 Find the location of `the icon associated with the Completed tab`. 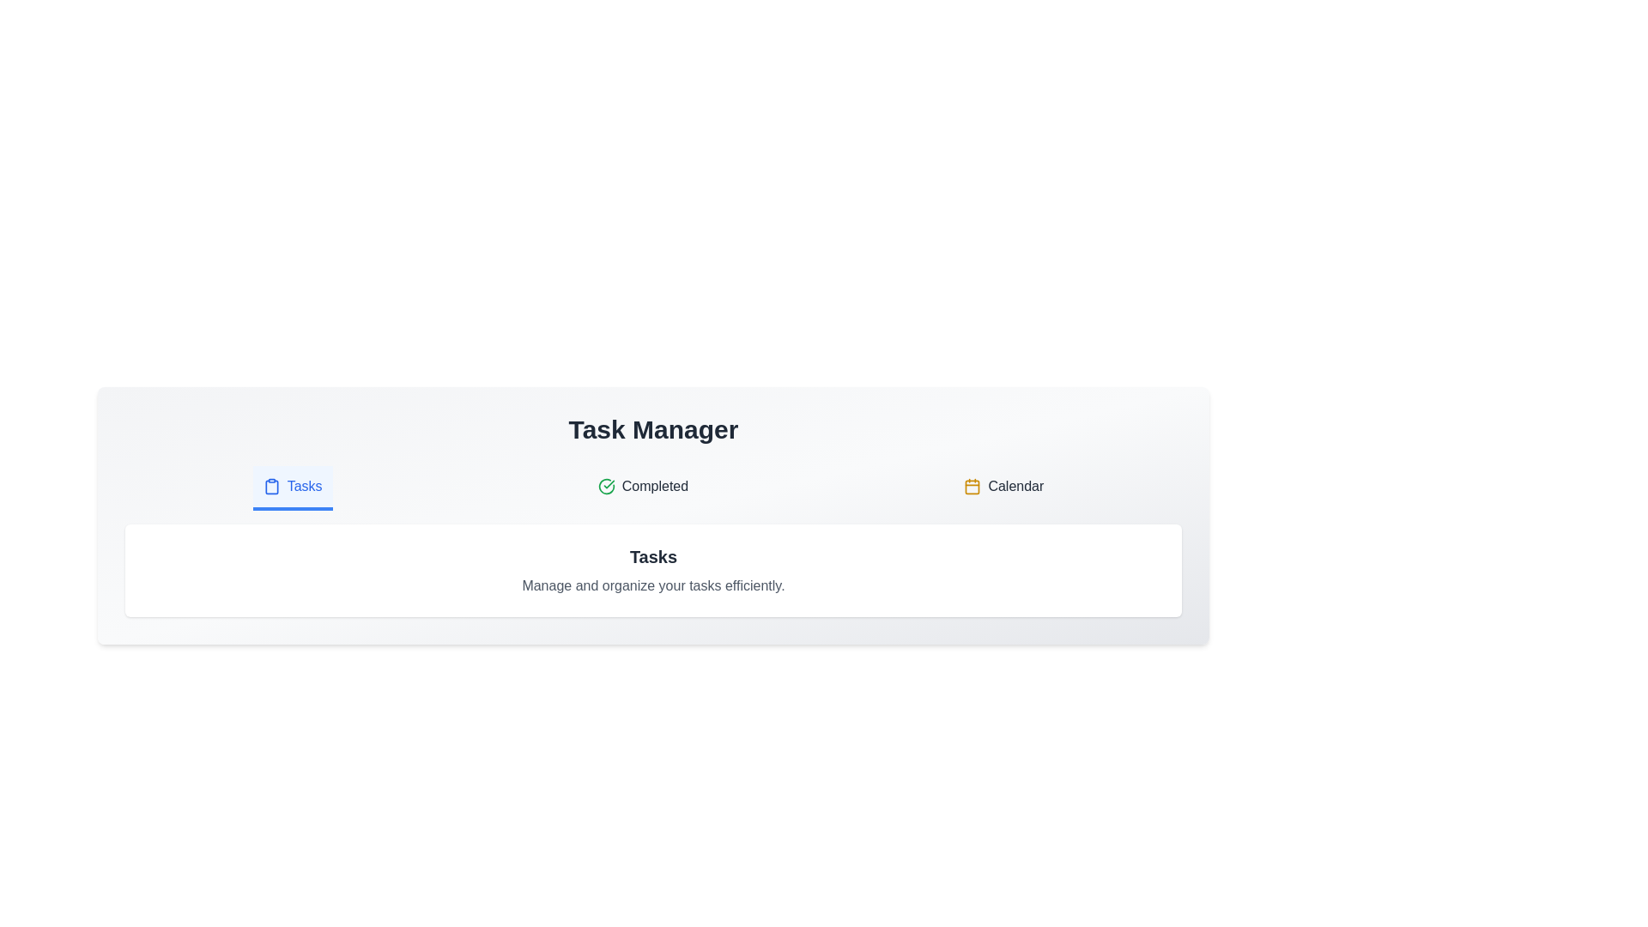

the icon associated with the Completed tab is located at coordinates (606, 487).